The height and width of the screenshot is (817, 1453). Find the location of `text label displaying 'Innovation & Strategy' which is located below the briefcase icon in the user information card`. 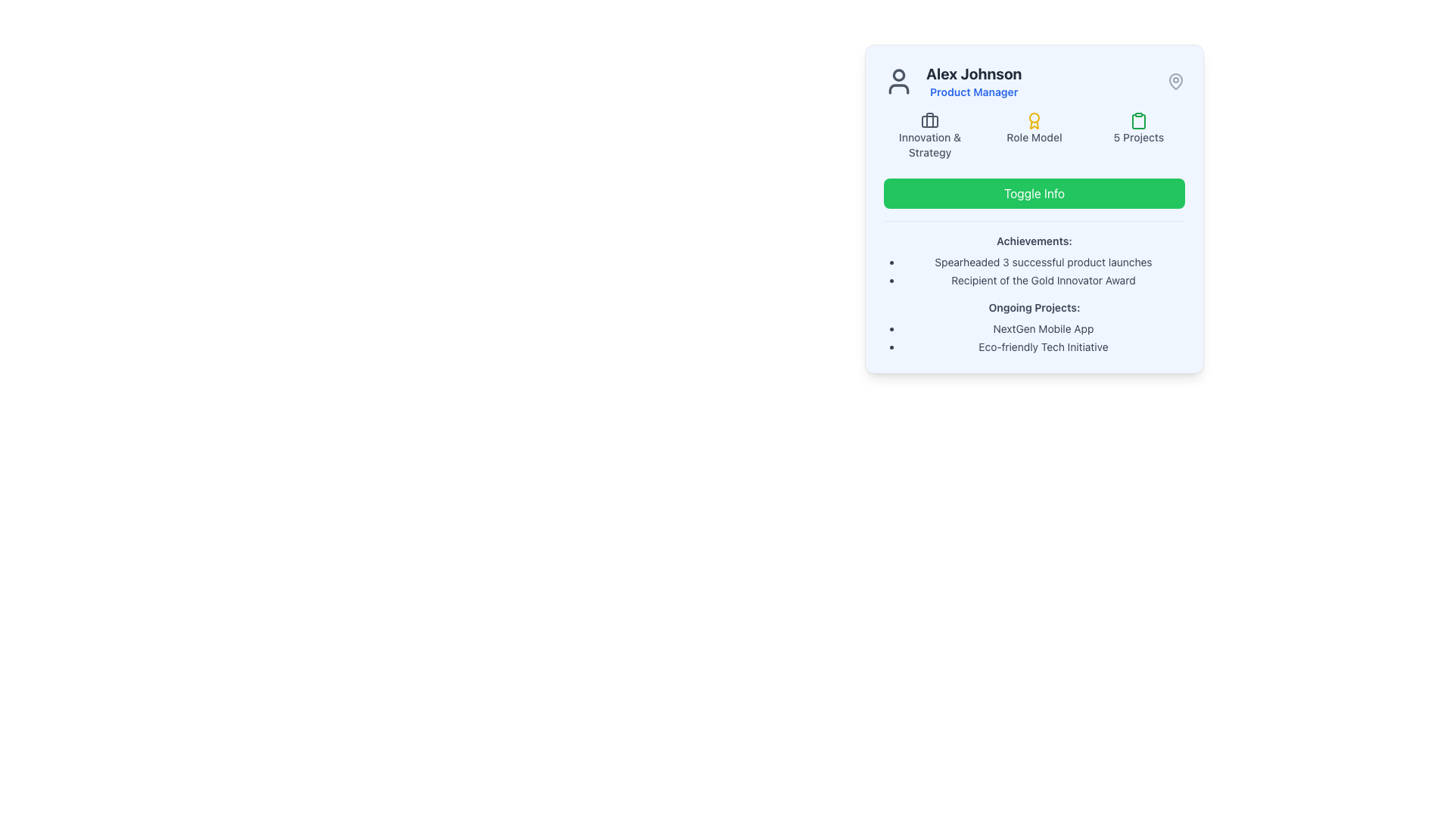

text label displaying 'Innovation & Strategy' which is located below the briefcase icon in the user information card is located at coordinates (929, 145).